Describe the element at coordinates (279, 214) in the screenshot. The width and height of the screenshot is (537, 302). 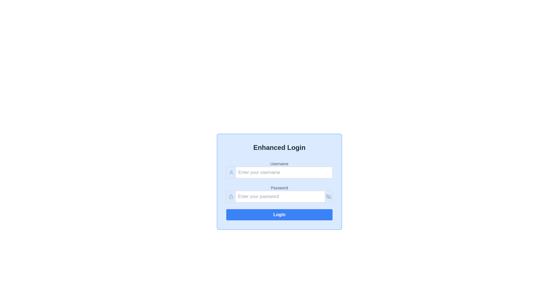
I see `the submit button located at the bottom of the login form panel to change its visual style` at that location.